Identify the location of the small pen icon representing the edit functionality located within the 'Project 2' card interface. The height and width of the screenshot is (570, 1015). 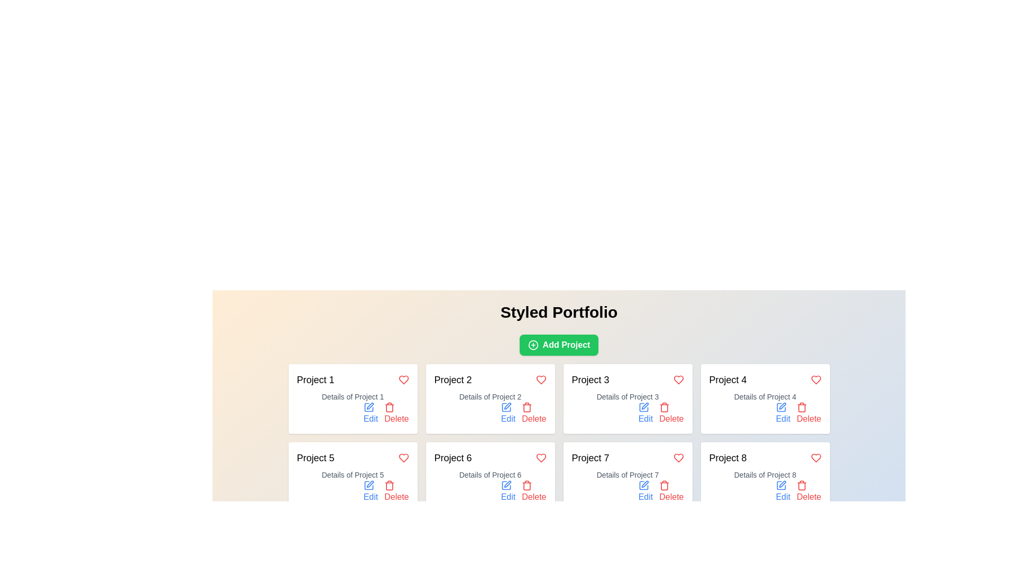
(508, 405).